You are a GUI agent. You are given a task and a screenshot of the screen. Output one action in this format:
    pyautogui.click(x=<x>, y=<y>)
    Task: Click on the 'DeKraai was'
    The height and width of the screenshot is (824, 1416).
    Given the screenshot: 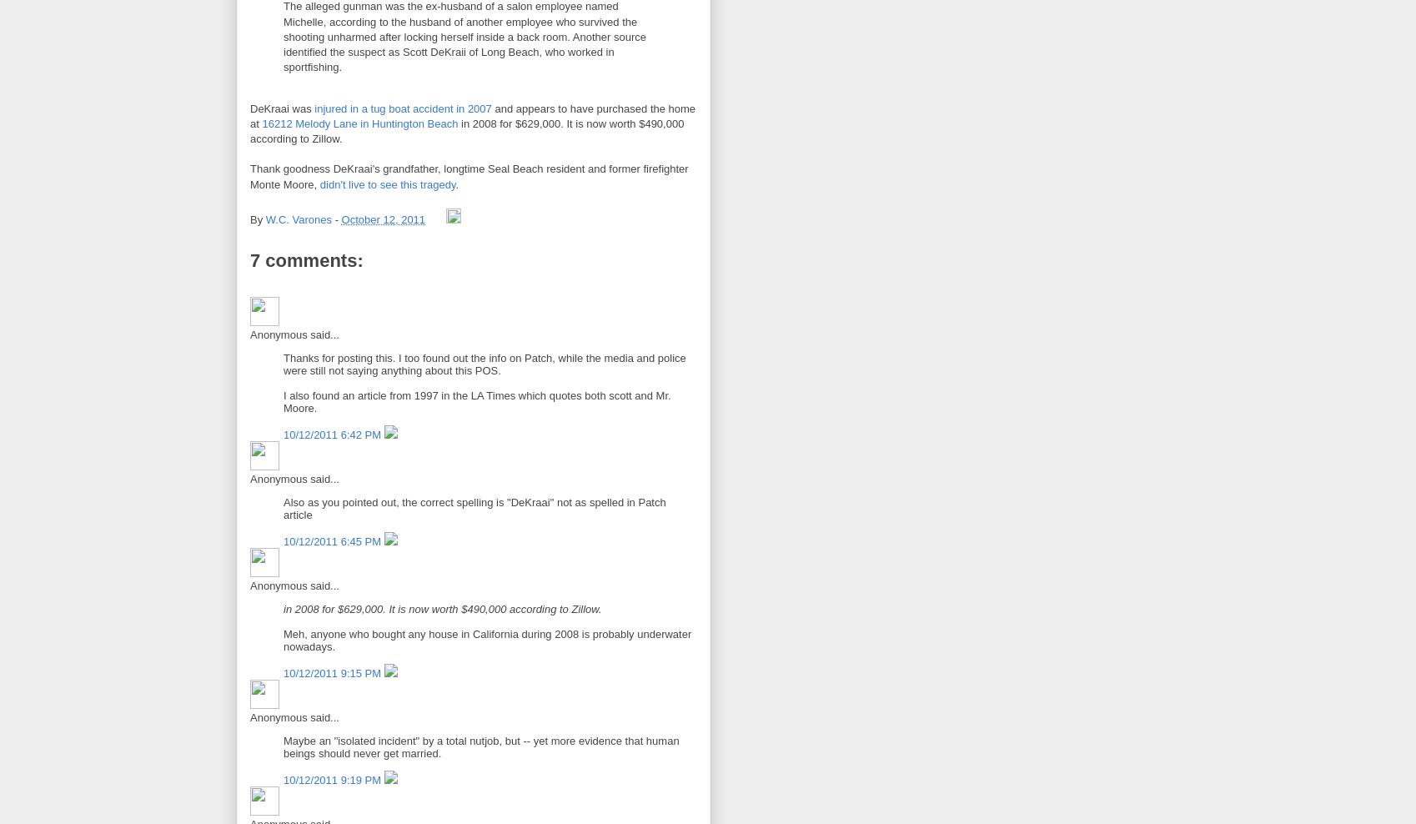 What is the action you would take?
    pyautogui.click(x=281, y=107)
    